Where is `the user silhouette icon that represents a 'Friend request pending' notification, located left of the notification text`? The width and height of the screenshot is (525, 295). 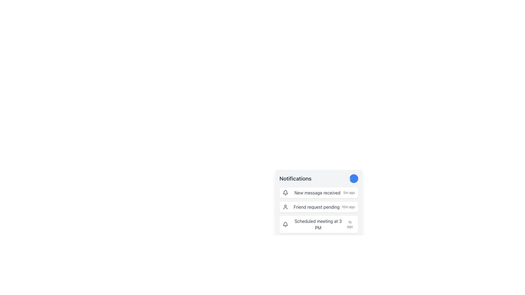 the user silhouette icon that represents a 'Friend request pending' notification, located left of the notification text is located at coordinates (285, 207).